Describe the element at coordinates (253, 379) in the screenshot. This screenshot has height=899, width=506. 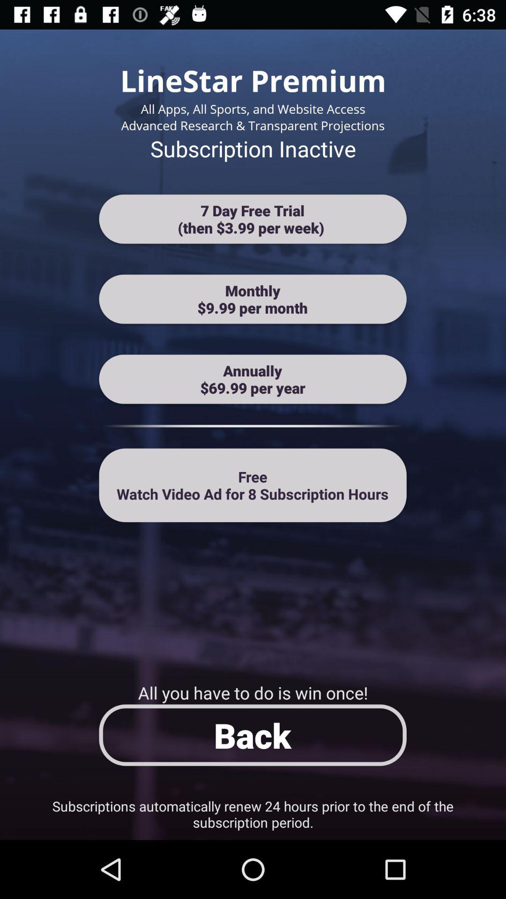
I see `the third box` at that location.